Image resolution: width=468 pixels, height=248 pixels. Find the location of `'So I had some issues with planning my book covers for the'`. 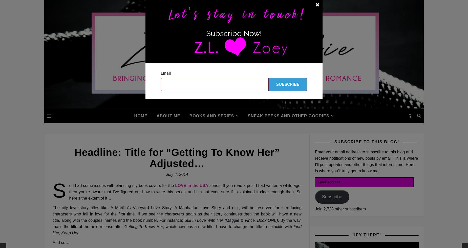

'So I had some issues with planning my book covers for the' is located at coordinates (52, 190).